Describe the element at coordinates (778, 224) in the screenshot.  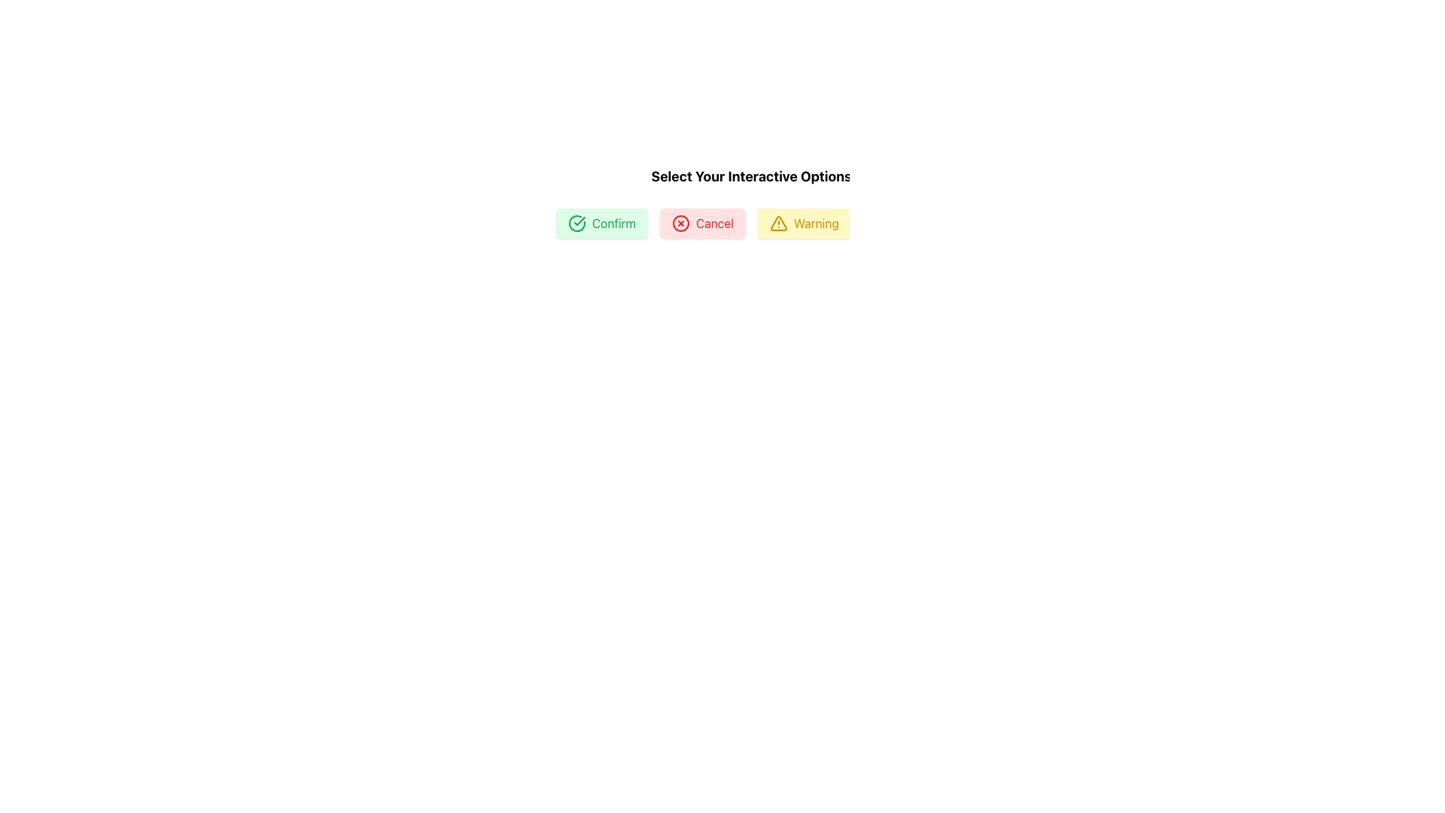
I see `the triangular warning icon located within the 'Warning' button, which has a hollow center and thick yellow outline` at that location.